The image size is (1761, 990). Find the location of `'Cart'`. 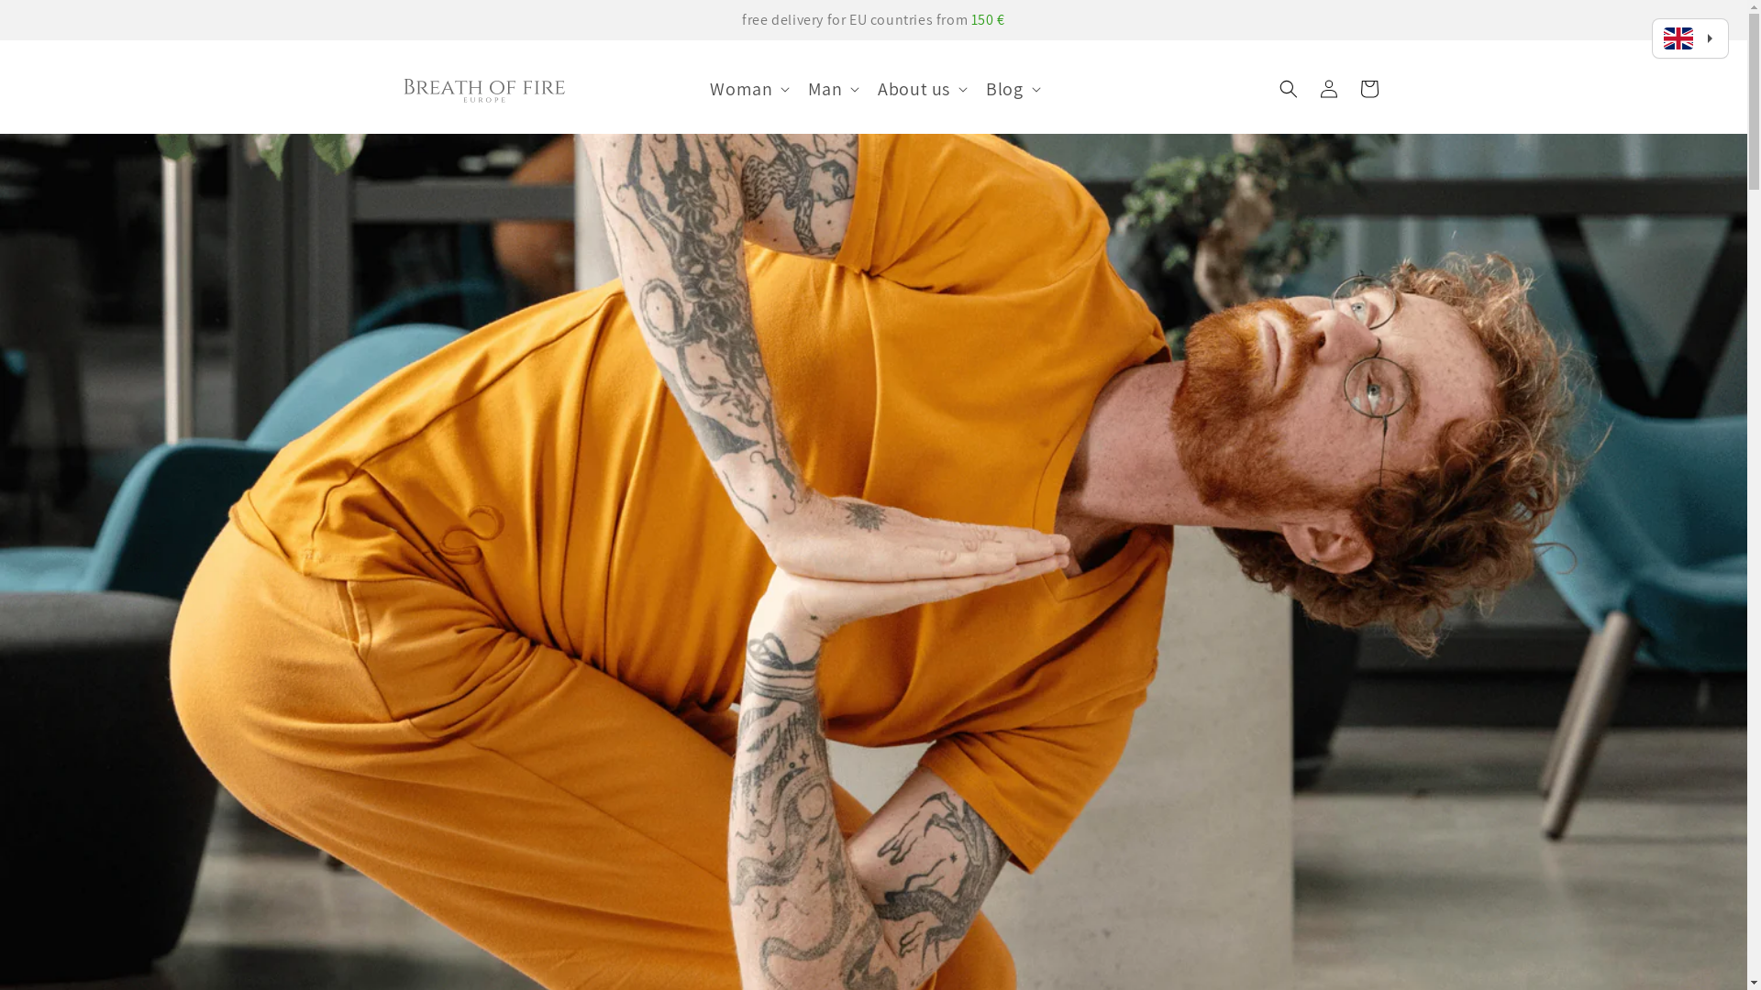

'Cart' is located at coordinates (1368, 88).